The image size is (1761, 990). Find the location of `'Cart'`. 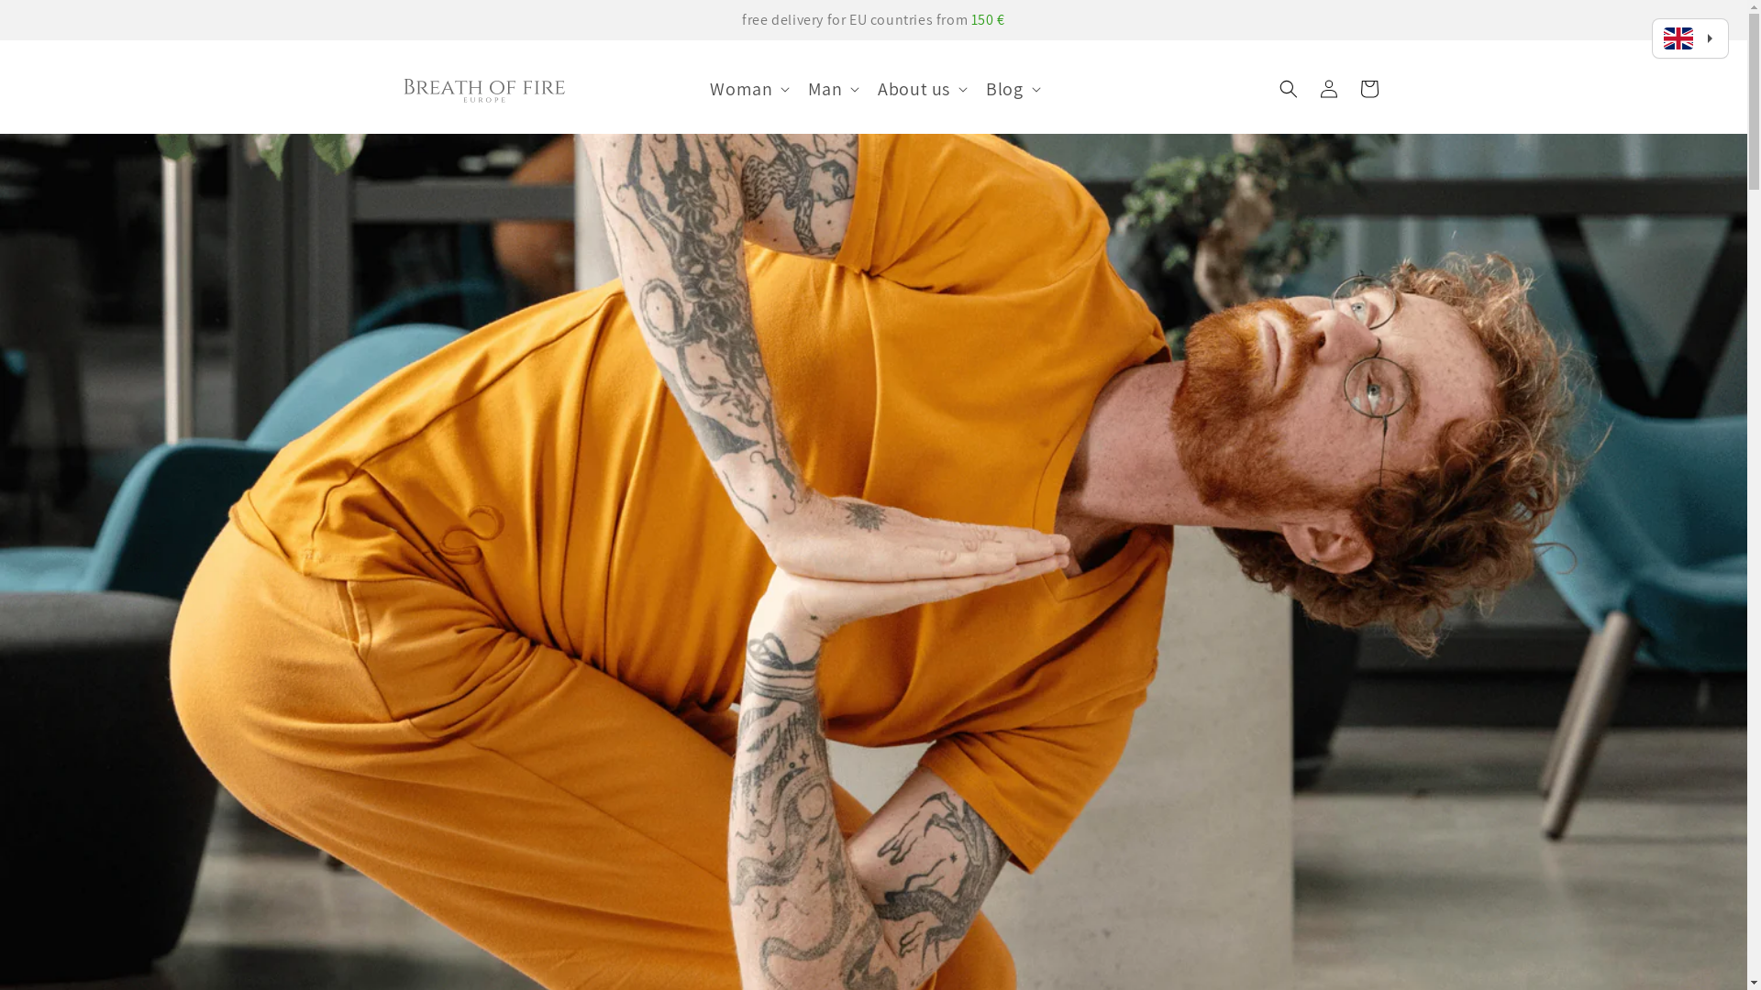

'Cart' is located at coordinates (1368, 88).